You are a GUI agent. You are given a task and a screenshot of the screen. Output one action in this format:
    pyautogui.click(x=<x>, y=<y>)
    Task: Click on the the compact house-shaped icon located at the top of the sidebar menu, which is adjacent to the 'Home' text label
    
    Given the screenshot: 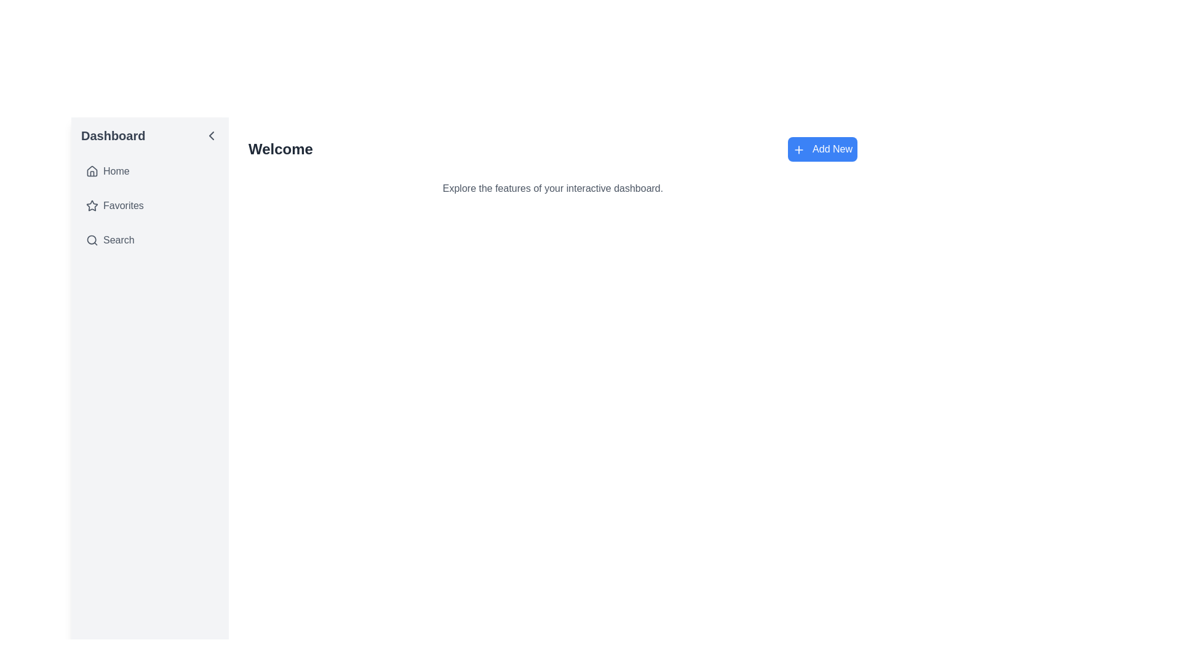 What is the action you would take?
    pyautogui.click(x=91, y=171)
    